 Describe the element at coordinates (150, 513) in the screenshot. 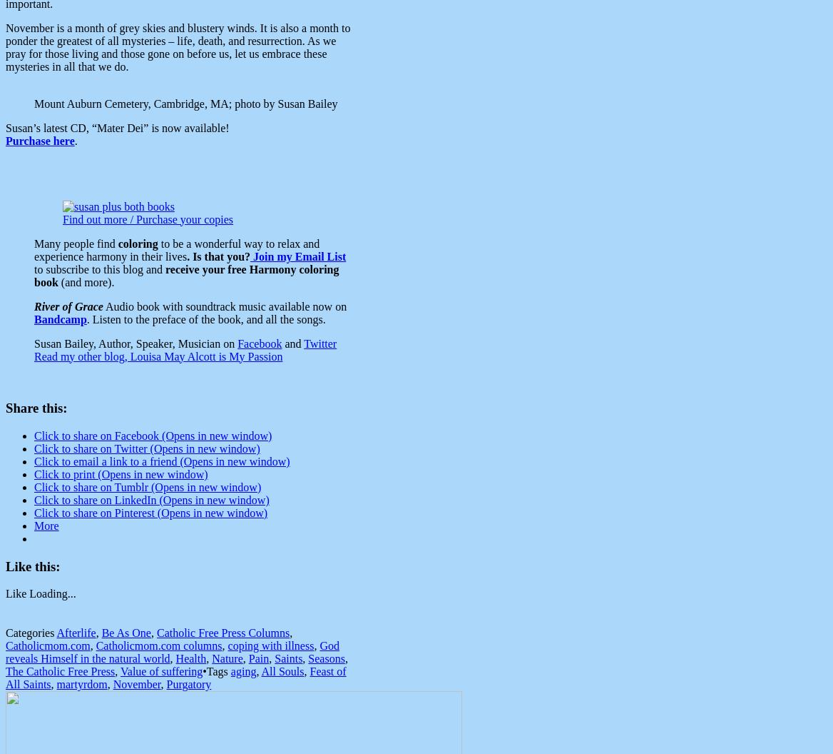

I see `'Click to share on Pinterest (Opens in new window)'` at that location.